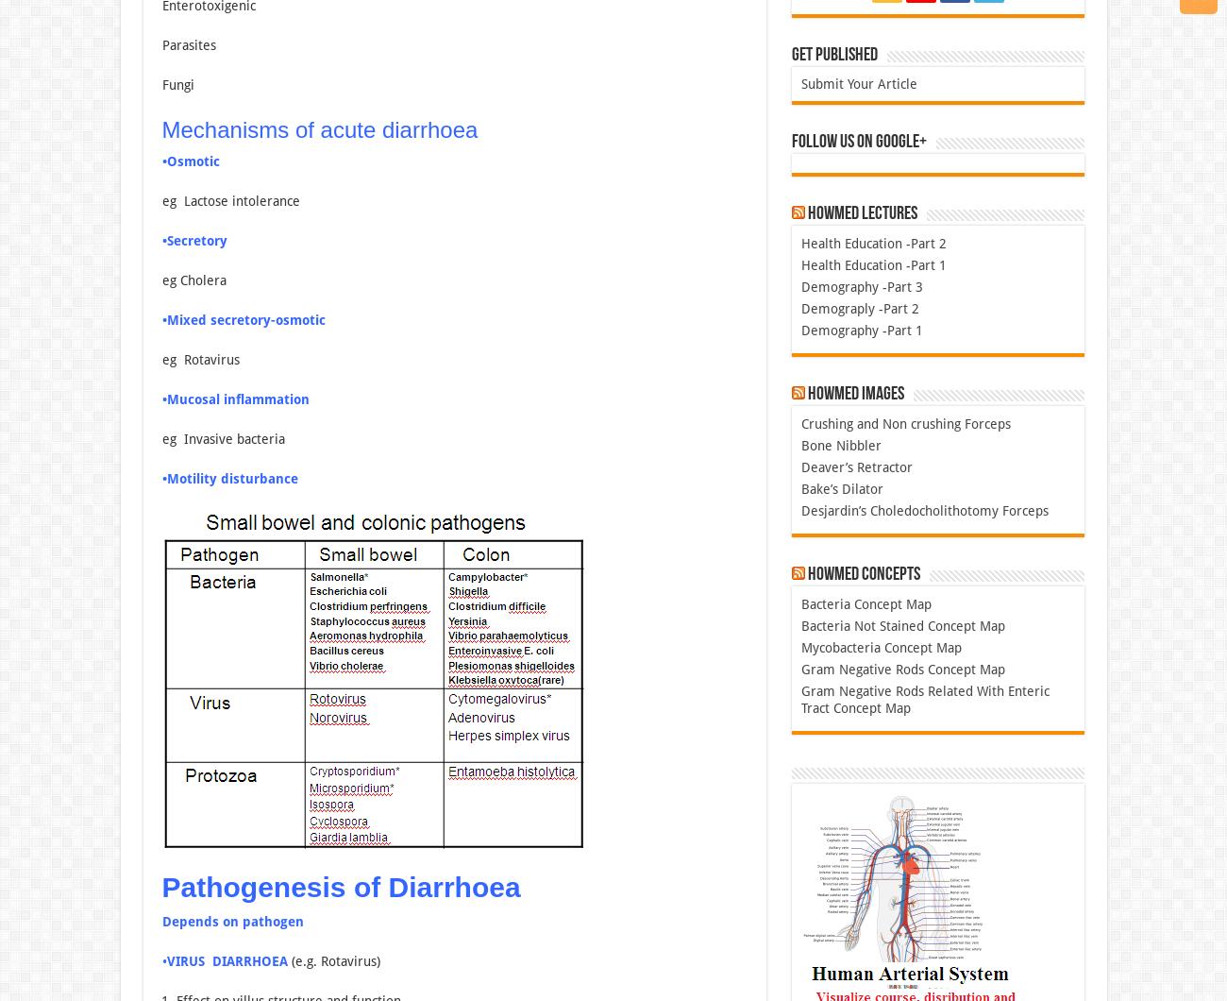 The width and height of the screenshot is (1227, 1001). I want to click on 'Mechanisms of acute diarrhoea', so click(318, 128).